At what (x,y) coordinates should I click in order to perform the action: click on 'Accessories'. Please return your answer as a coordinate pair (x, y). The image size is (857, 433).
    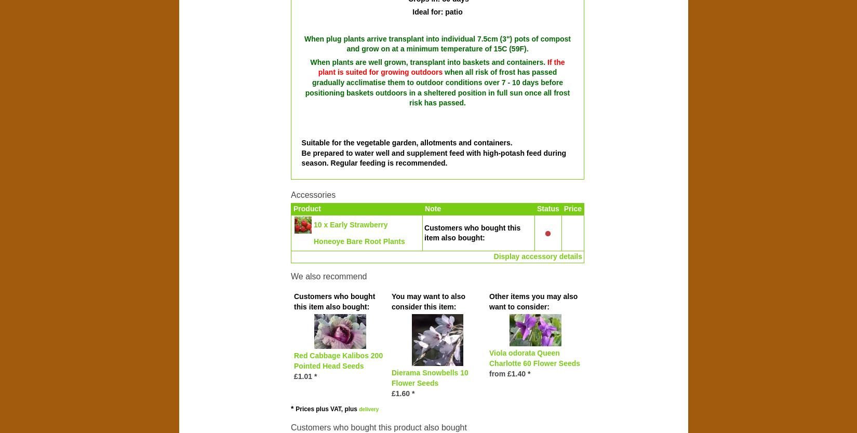
    Looking at the image, I should click on (313, 194).